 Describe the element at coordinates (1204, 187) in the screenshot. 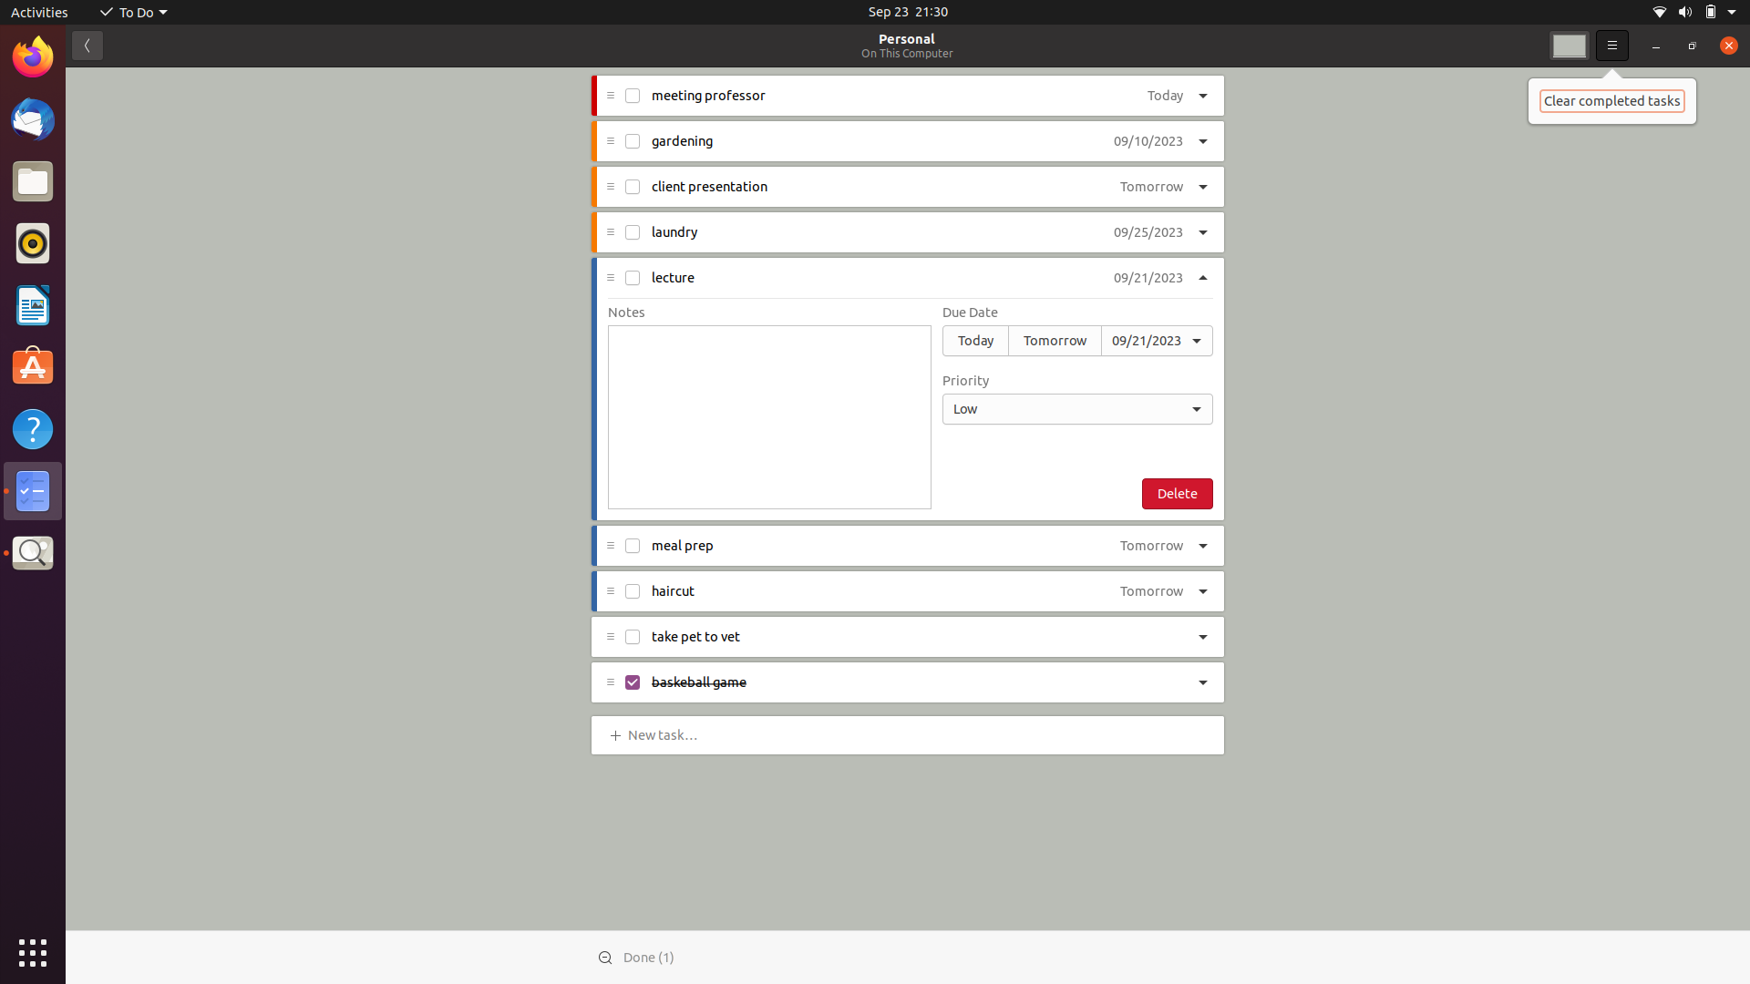

I see `Highlight "client presentation" as essential` at that location.